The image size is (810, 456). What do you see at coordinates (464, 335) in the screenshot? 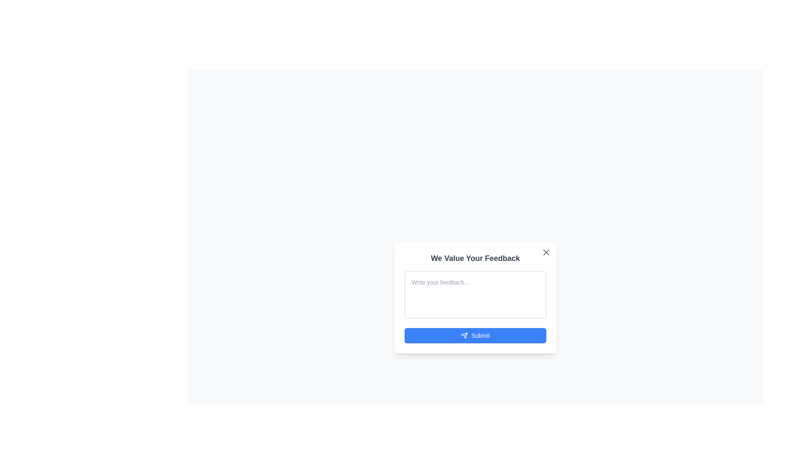
I see `the SVG icon resembling a send action within the 'Submit' button located at the bottom center of the feedback modal dialog` at bounding box center [464, 335].